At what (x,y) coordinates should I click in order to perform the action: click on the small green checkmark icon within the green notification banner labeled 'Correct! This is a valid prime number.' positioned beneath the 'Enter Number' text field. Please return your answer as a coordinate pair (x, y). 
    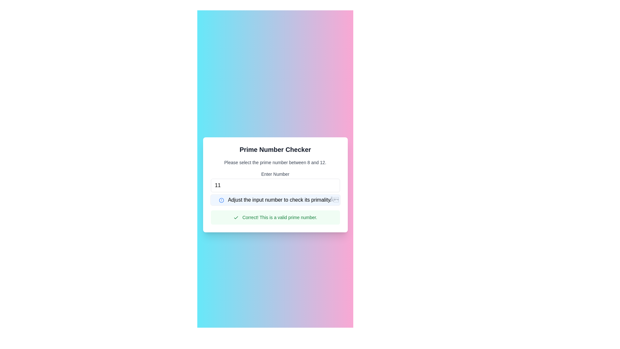
    Looking at the image, I should click on (235, 218).